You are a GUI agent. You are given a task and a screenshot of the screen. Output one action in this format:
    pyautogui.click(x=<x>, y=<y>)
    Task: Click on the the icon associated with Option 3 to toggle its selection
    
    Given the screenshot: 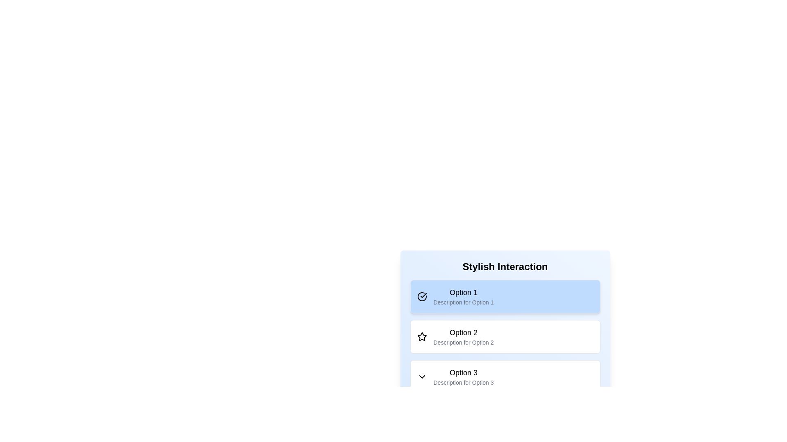 What is the action you would take?
    pyautogui.click(x=422, y=377)
    